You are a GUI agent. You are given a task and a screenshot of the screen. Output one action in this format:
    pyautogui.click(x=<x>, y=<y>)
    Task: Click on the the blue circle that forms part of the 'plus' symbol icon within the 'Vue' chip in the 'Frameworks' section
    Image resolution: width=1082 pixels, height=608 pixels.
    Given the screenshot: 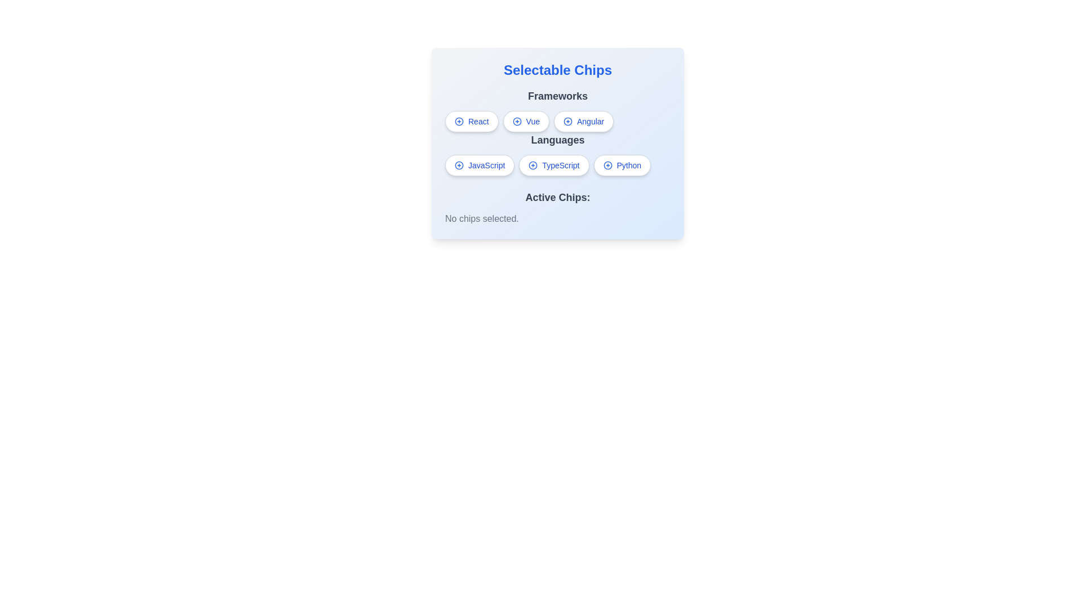 What is the action you would take?
    pyautogui.click(x=516, y=122)
    